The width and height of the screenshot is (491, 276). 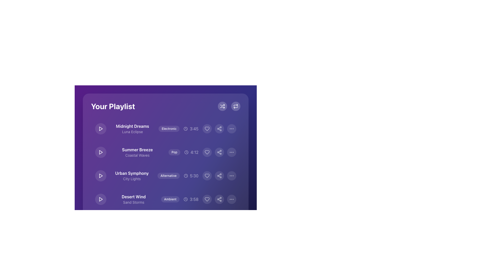 I want to click on text from the Text label that displays 'Summer Breeze' and 'Coastal Waves', which is located in the playlist interface below 'Midnight Dreams' and above 'Urban Symphony', so click(x=137, y=152).